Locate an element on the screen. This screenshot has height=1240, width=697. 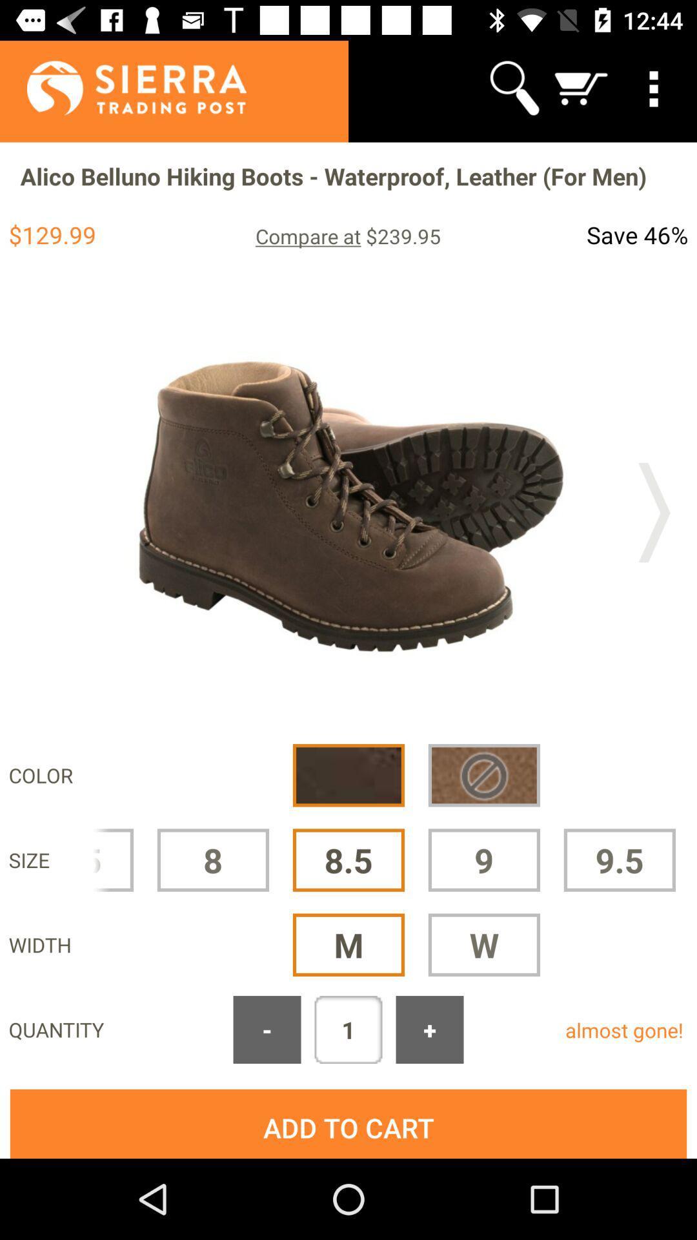
icon above the alico belluno hiking app is located at coordinates (513, 87).